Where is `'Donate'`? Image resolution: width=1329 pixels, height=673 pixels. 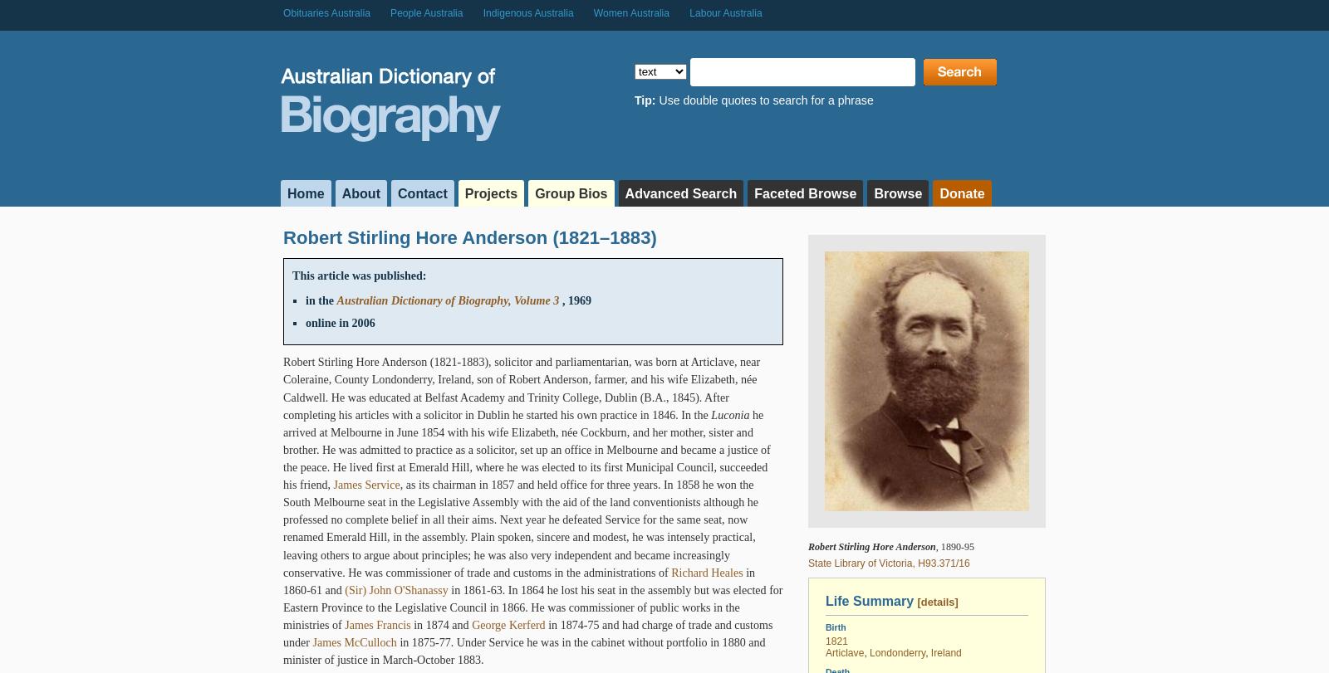 'Donate' is located at coordinates (962, 193).